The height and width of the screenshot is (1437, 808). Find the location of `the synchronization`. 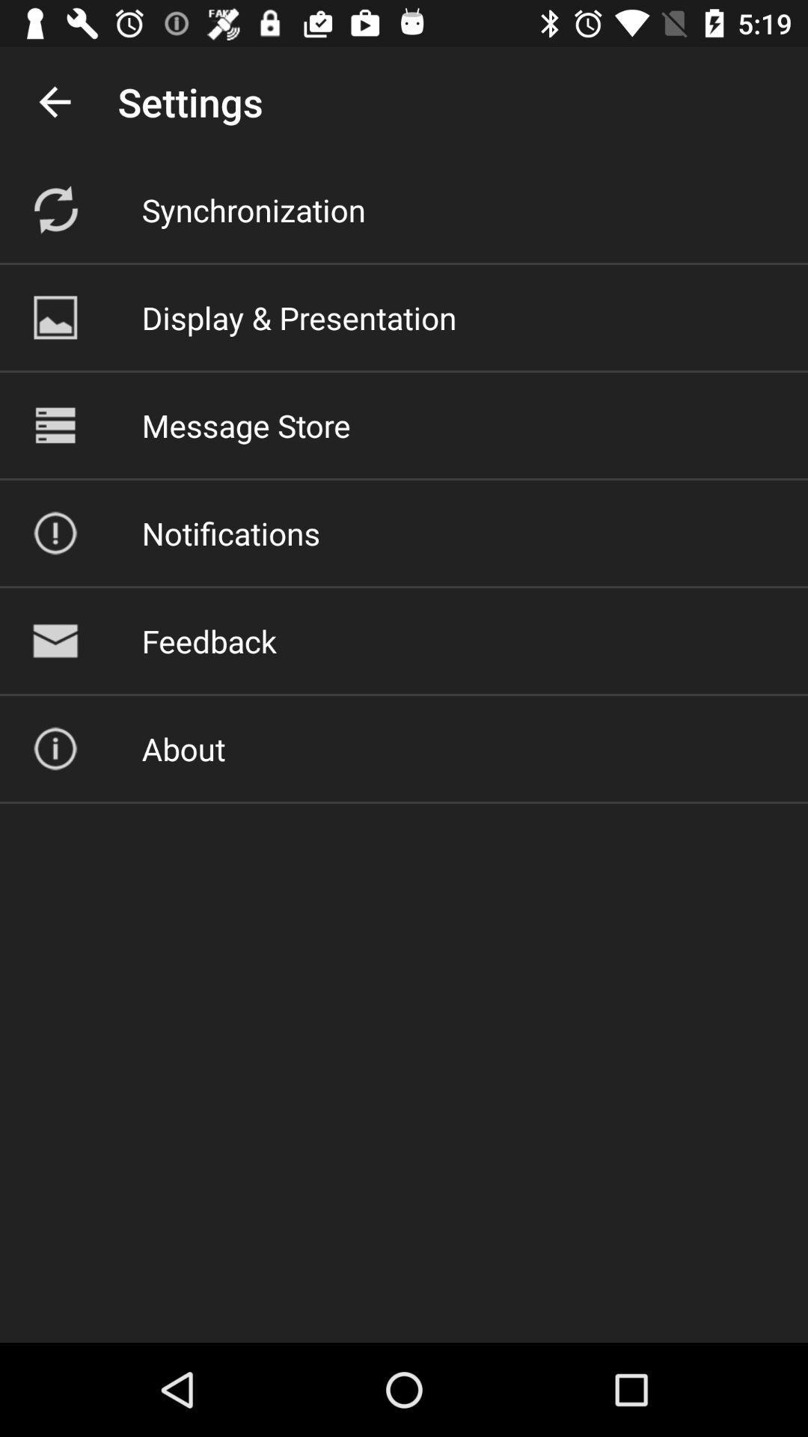

the synchronization is located at coordinates (253, 209).